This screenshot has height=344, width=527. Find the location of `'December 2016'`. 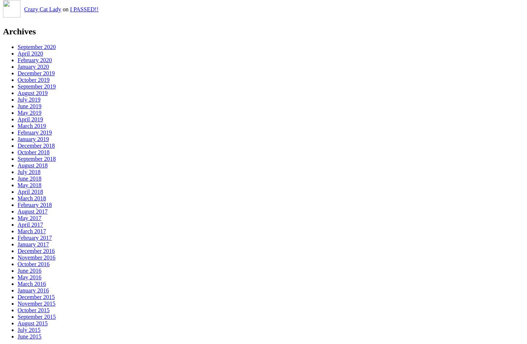

'December 2016' is located at coordinates (17, 251).